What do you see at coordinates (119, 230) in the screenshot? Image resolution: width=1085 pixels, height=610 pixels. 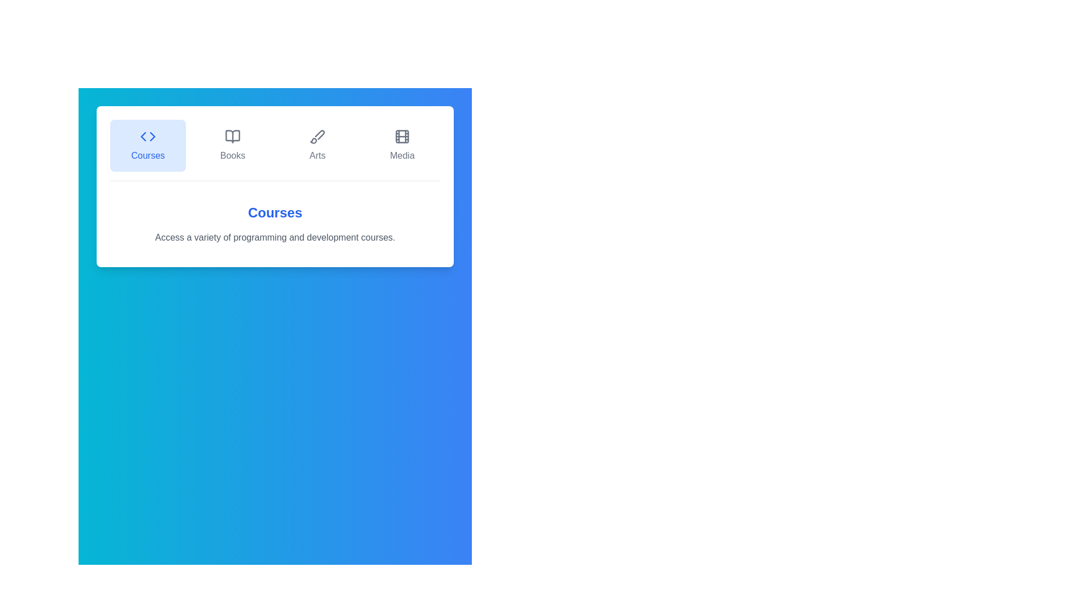 I see `the text 'Access a variety of programming and development courses.' in the content area` at bounding box center [119, 230].